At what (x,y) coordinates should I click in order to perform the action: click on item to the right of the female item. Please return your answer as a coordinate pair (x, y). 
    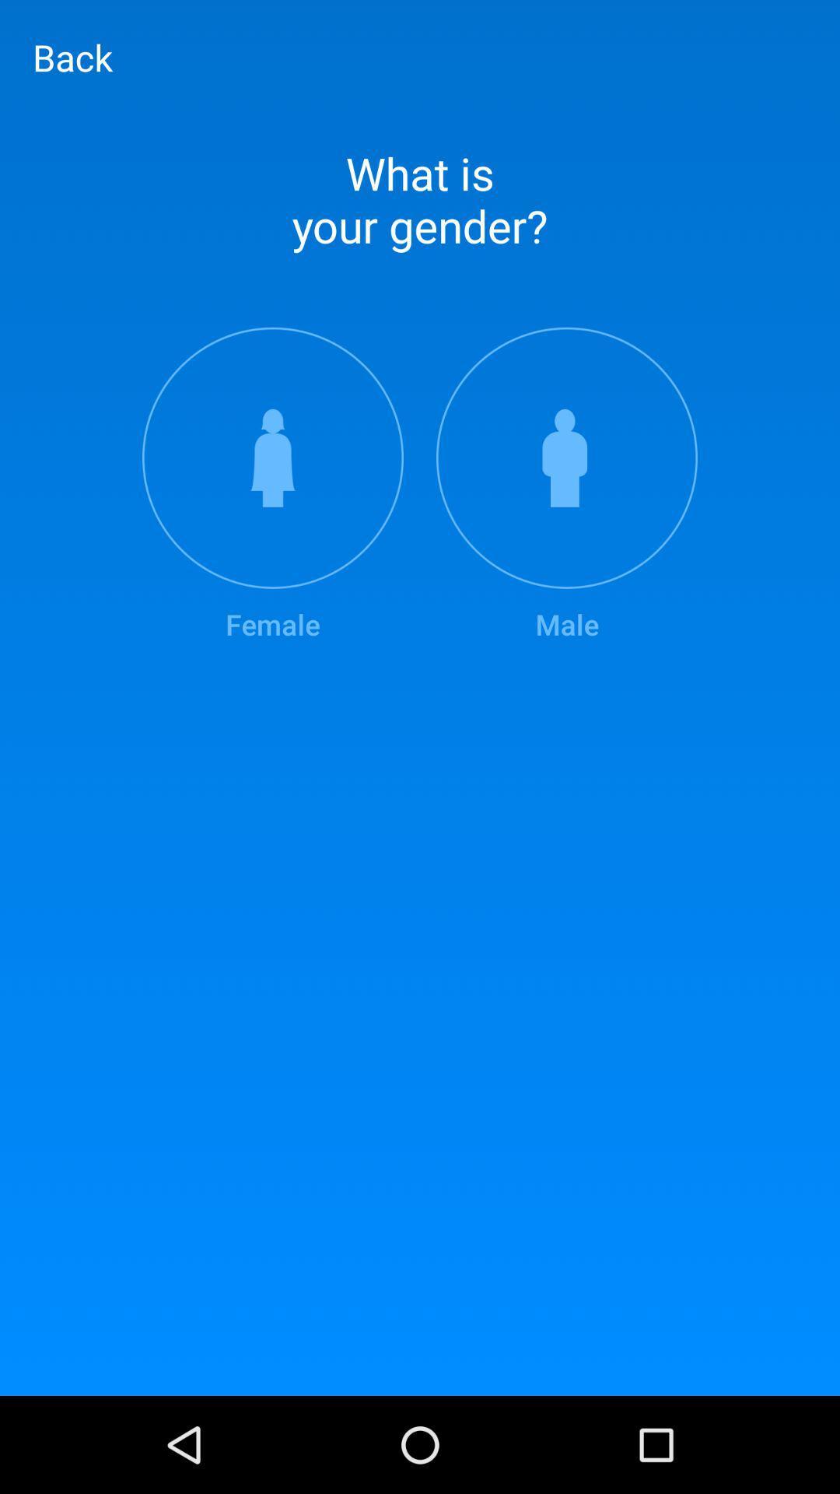
    Looking at the image, I should click on (567, 485).